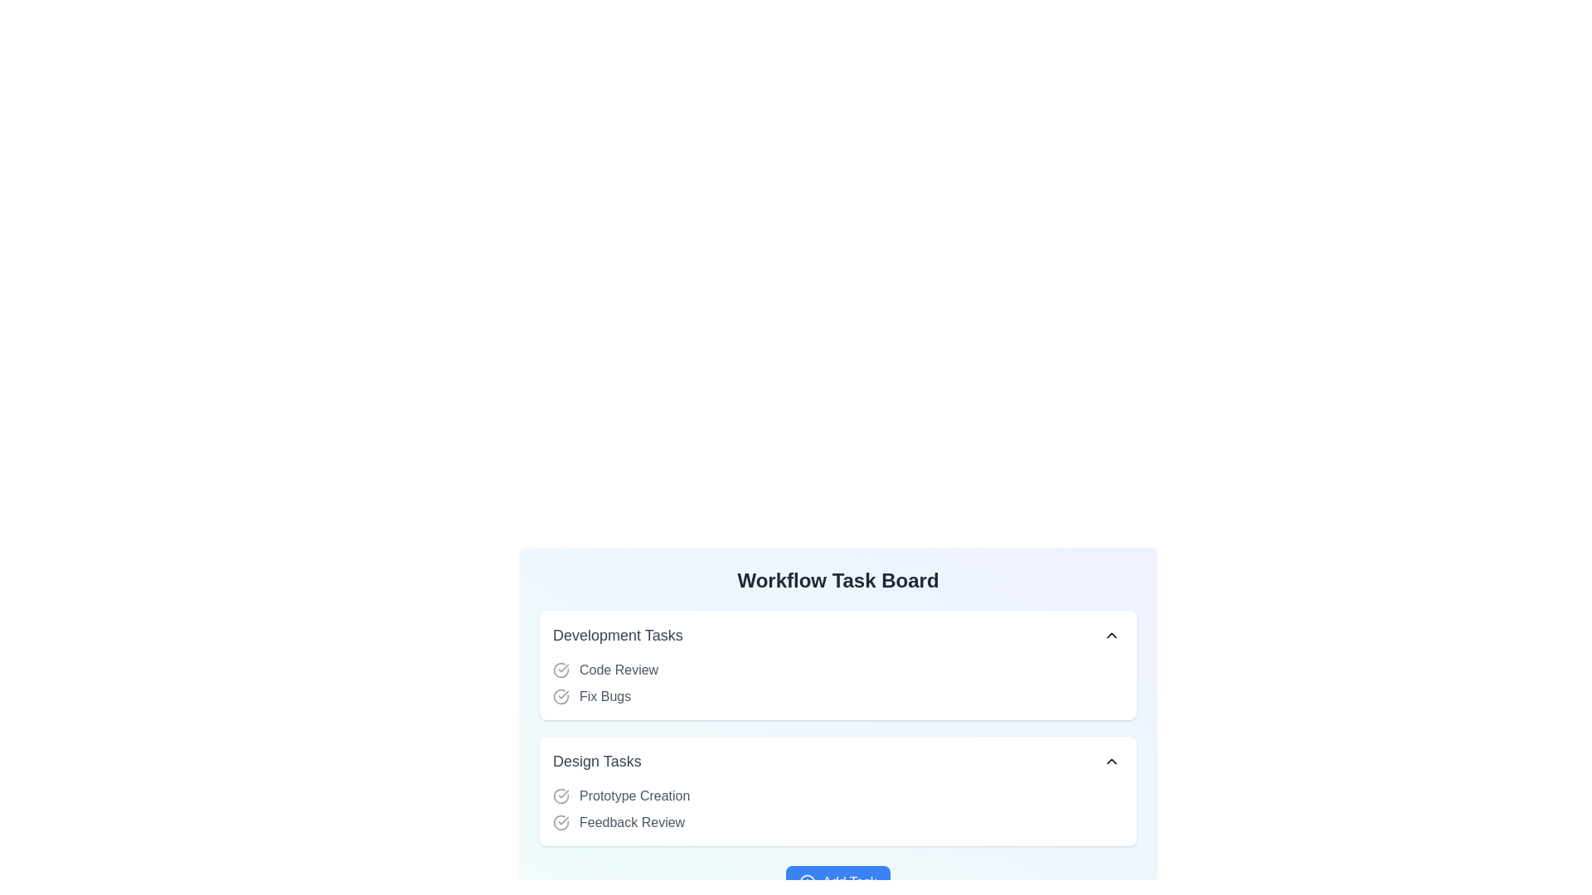  I want to click on the SVG Circle element, which is the central part of the 'Add Task' button located at the bottom edge of the task board display, so click(808, 881).